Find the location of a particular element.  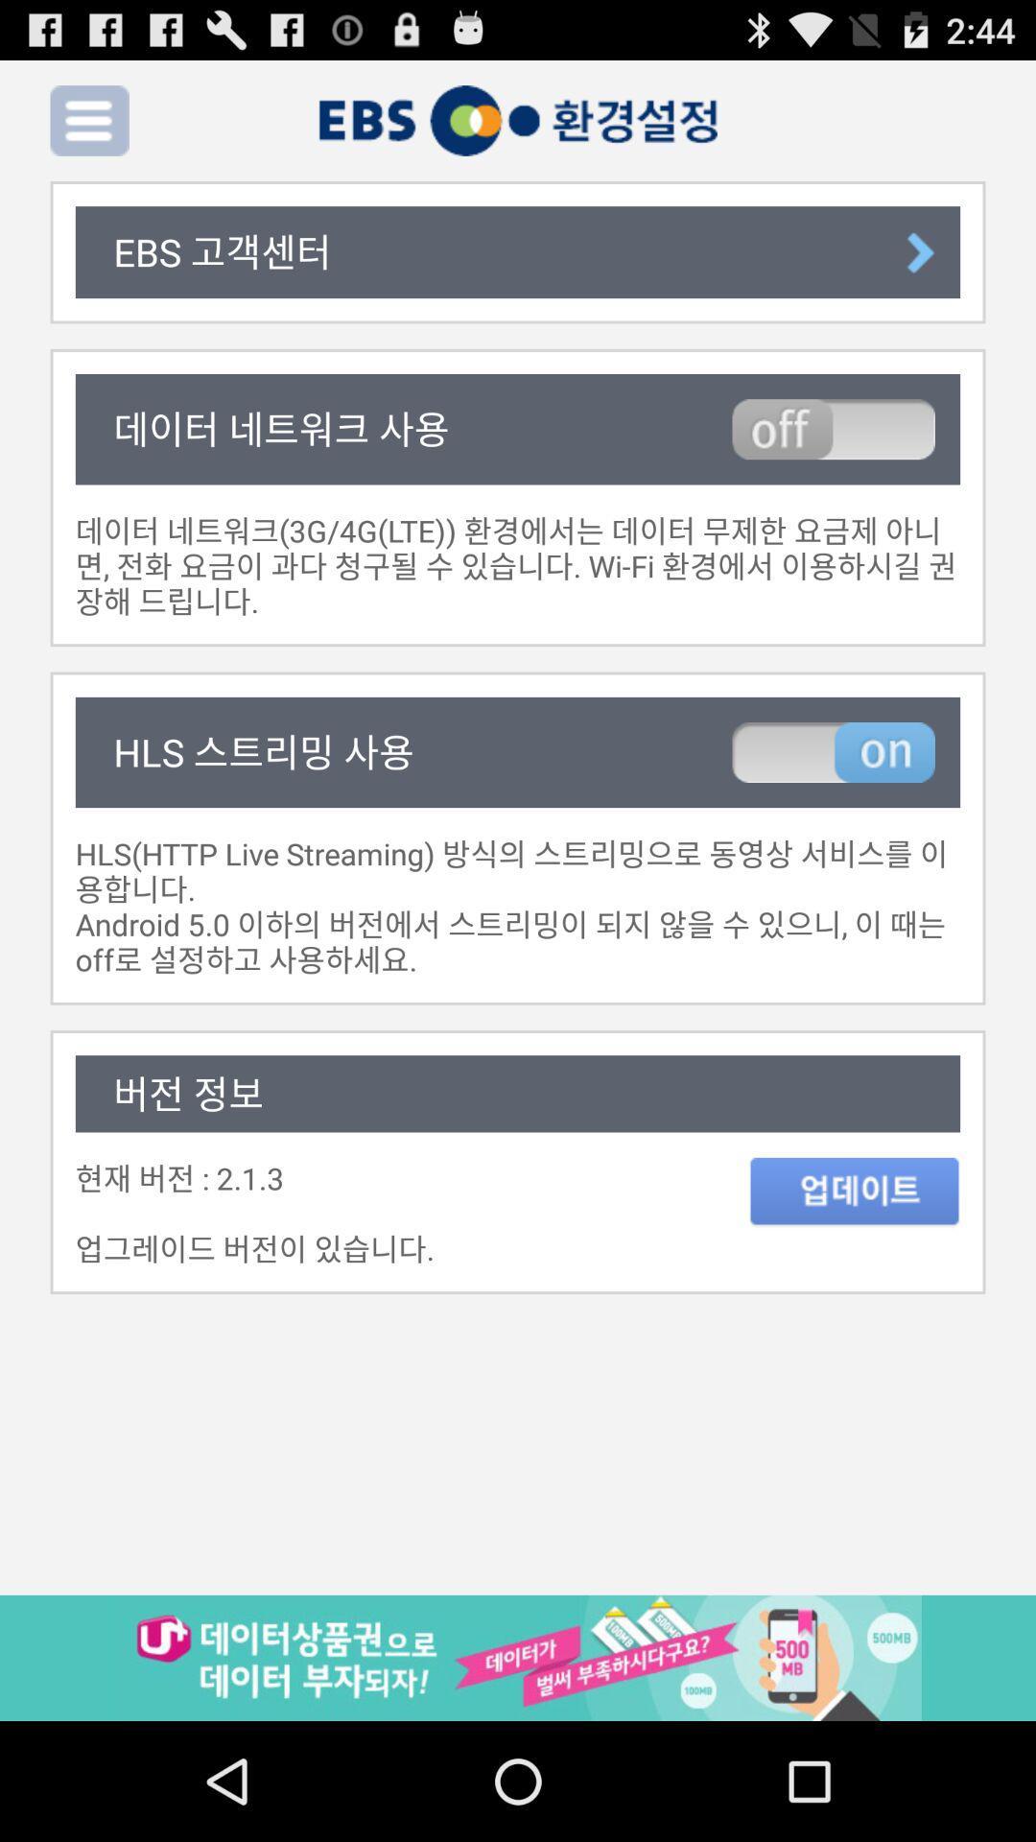

the date_range icon is located at coordinates (854, 1277).